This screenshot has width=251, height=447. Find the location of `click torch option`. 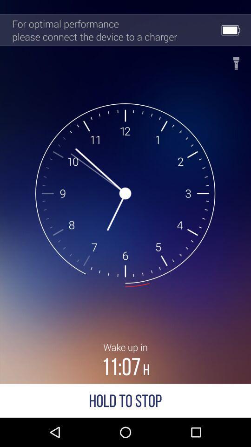

click torch option is located at coordinates (236, 60).